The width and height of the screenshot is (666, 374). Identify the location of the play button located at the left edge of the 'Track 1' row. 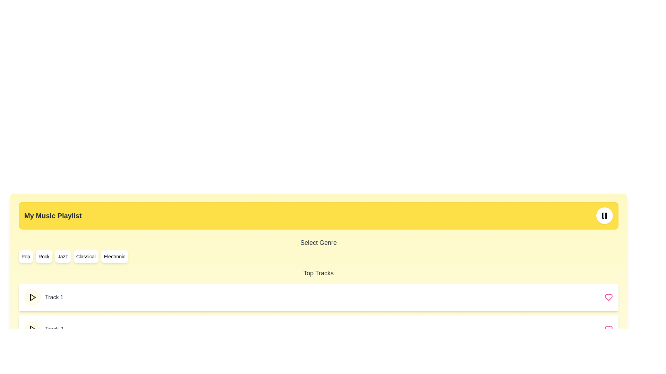
(32, 297).